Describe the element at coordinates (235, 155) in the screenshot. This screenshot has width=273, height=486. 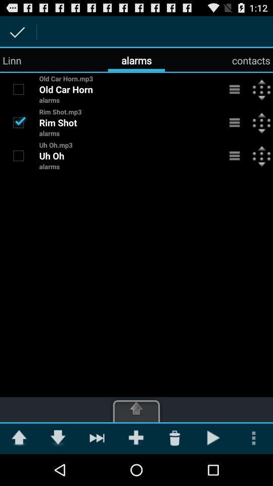
I see `open mp3 menu` at that location.